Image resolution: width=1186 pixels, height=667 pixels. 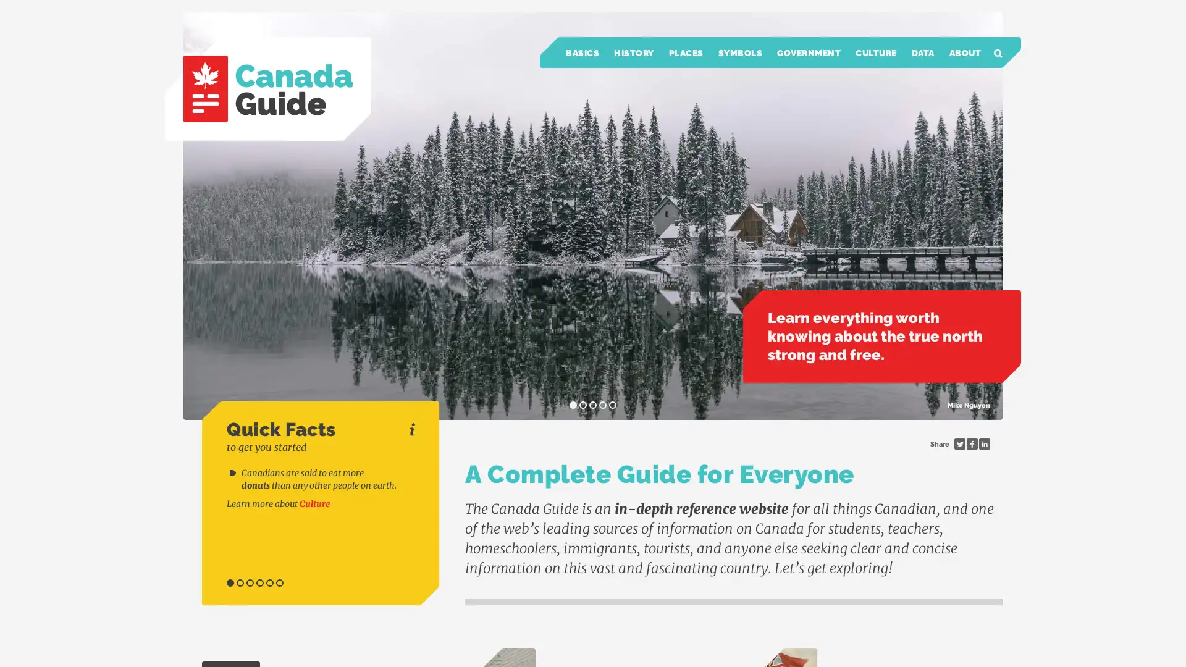 I want to click on Go to slide 1, so click(x=572, y=405).